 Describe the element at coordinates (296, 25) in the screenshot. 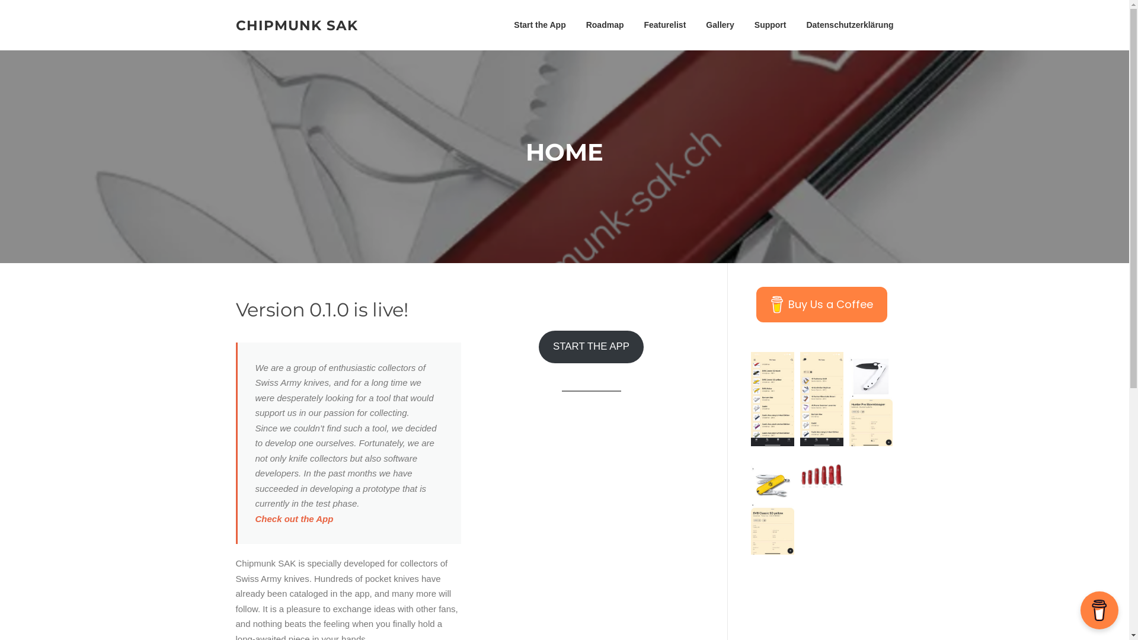

I see `'CHIPMUNK SAK'` at that location.